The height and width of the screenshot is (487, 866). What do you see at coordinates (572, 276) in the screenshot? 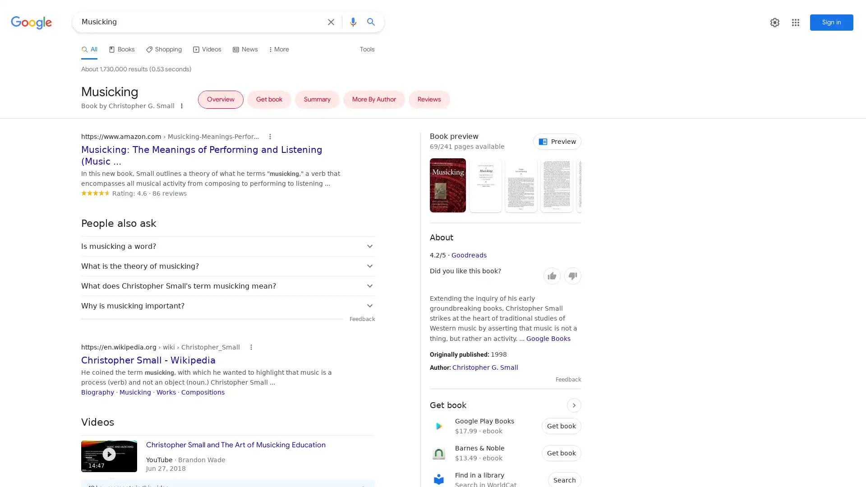
I see `Dislike` at bounding box center [572, 276].